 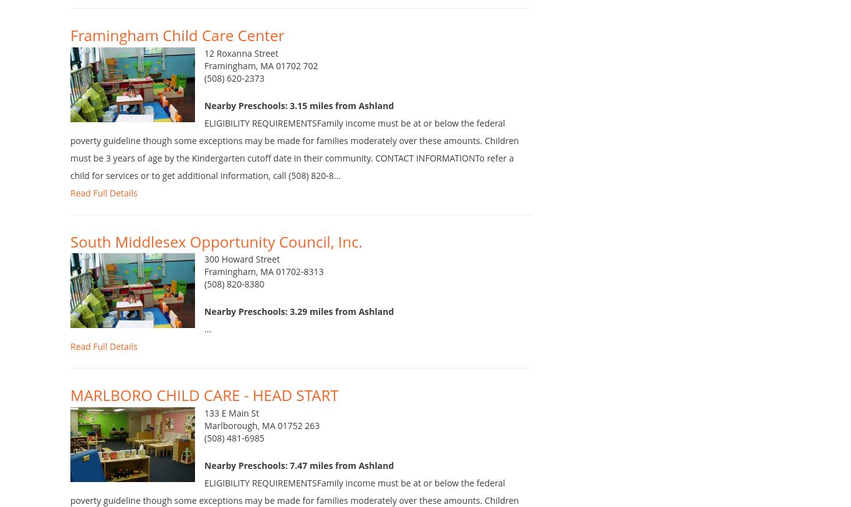 What do you see at coordinates (299, 484) in the screenshot?
I see `'Nearby Preschools: 7.47 miles from Ashland'` at bounding box center [299, 484].